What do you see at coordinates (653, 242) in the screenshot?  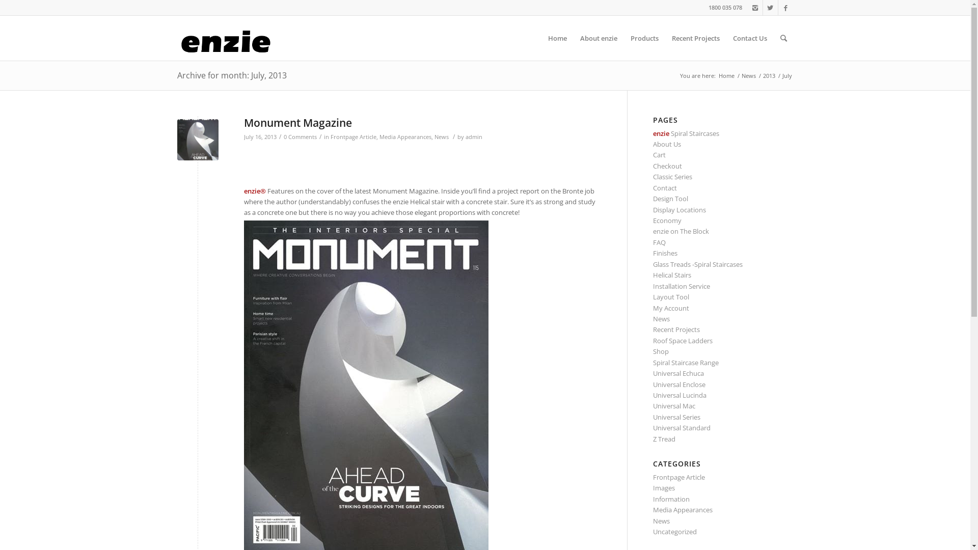 I see `'FAQ'` at bounding box center [653, 242].